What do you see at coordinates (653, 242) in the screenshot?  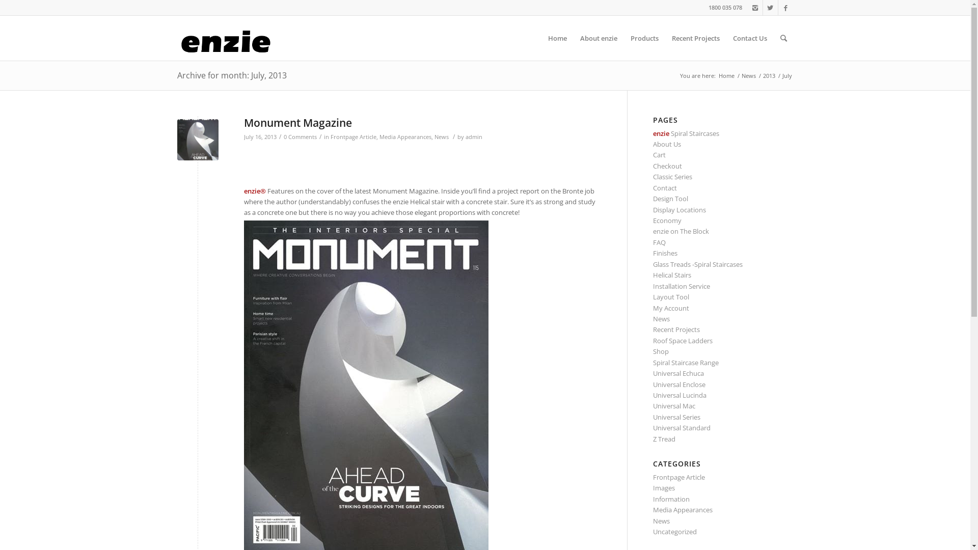 I see `'FAQ'` at bounding box center [653, 242].